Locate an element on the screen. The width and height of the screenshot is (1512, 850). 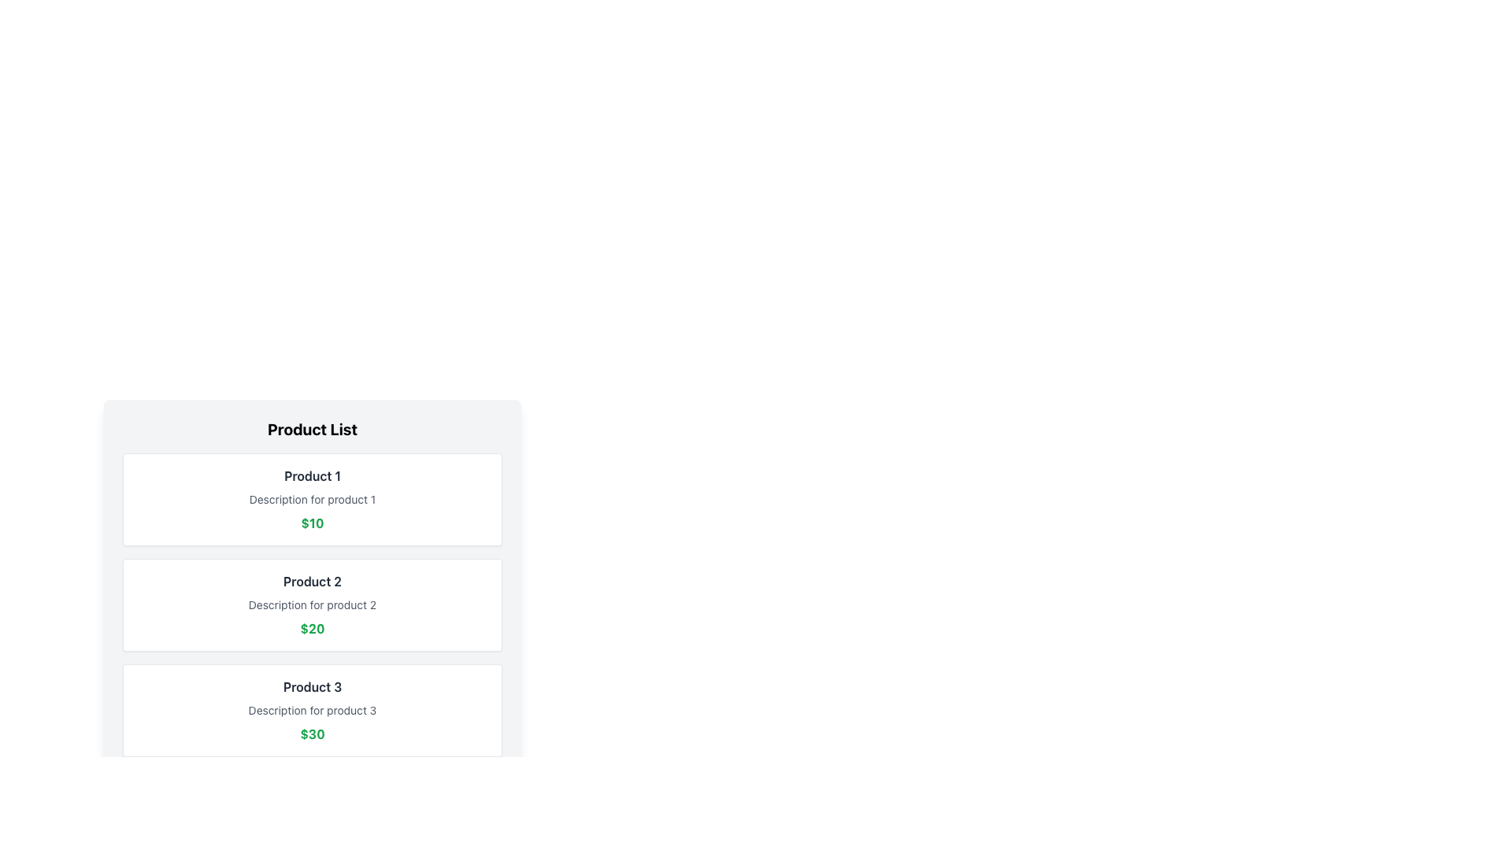
descriptive text content for the product labeled as 'Product 2', which is positioned between the product name and price in the card layout is located at coordinates (313, 604).